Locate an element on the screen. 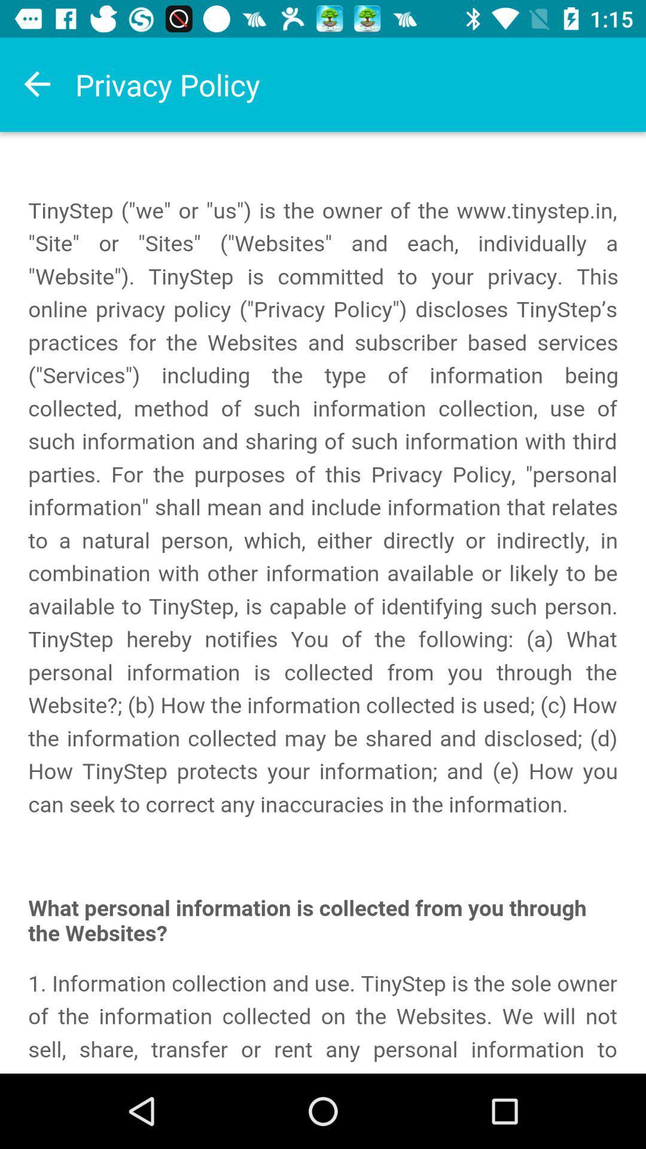  previous page is located at coordinates (36, 84).